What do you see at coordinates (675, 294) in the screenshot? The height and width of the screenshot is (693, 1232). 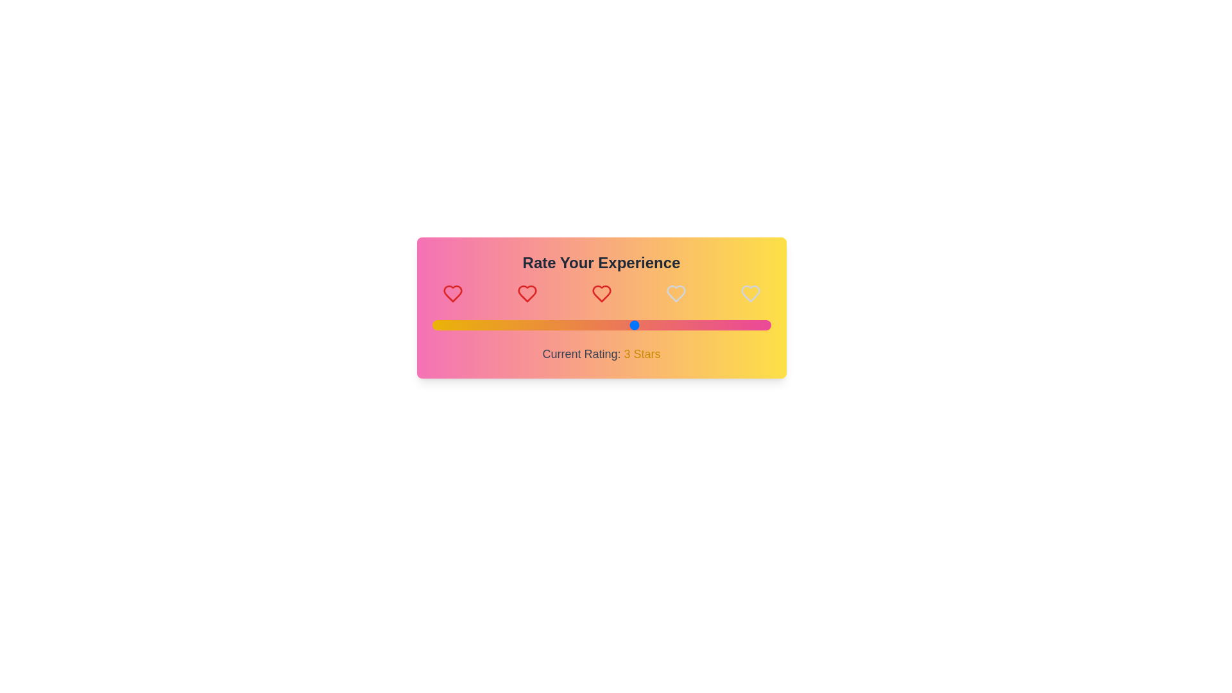 I see `the heart icon corresponding to the desired rating 4` at bounding box center [675, 294].